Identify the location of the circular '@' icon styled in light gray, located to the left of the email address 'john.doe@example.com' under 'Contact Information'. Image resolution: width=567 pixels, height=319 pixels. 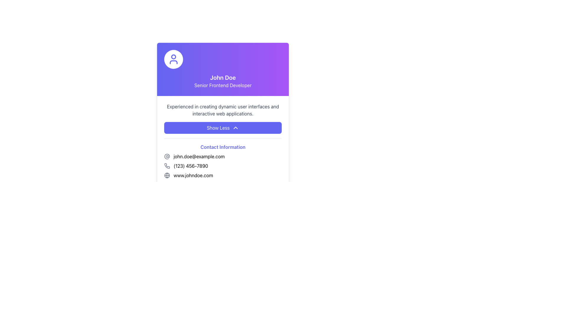
(167, 156).